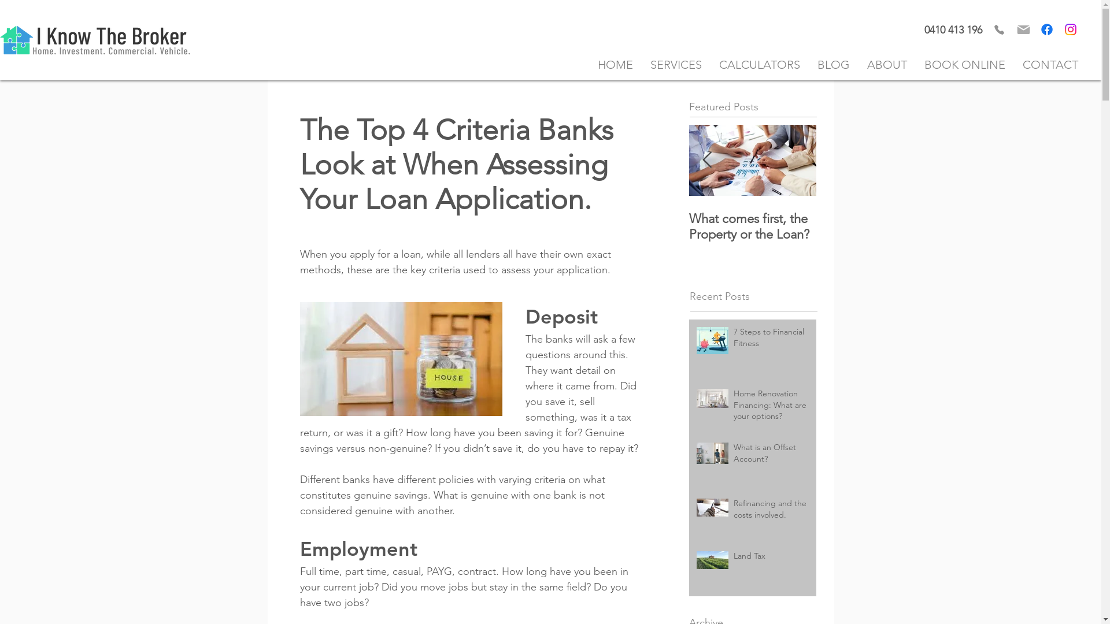  Describe the element at coordinates (833, 64) in the screenshot. I see `'BLOG'` at that location.